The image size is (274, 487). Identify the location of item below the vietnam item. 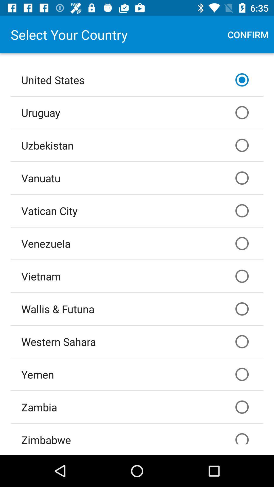
(137, 309).